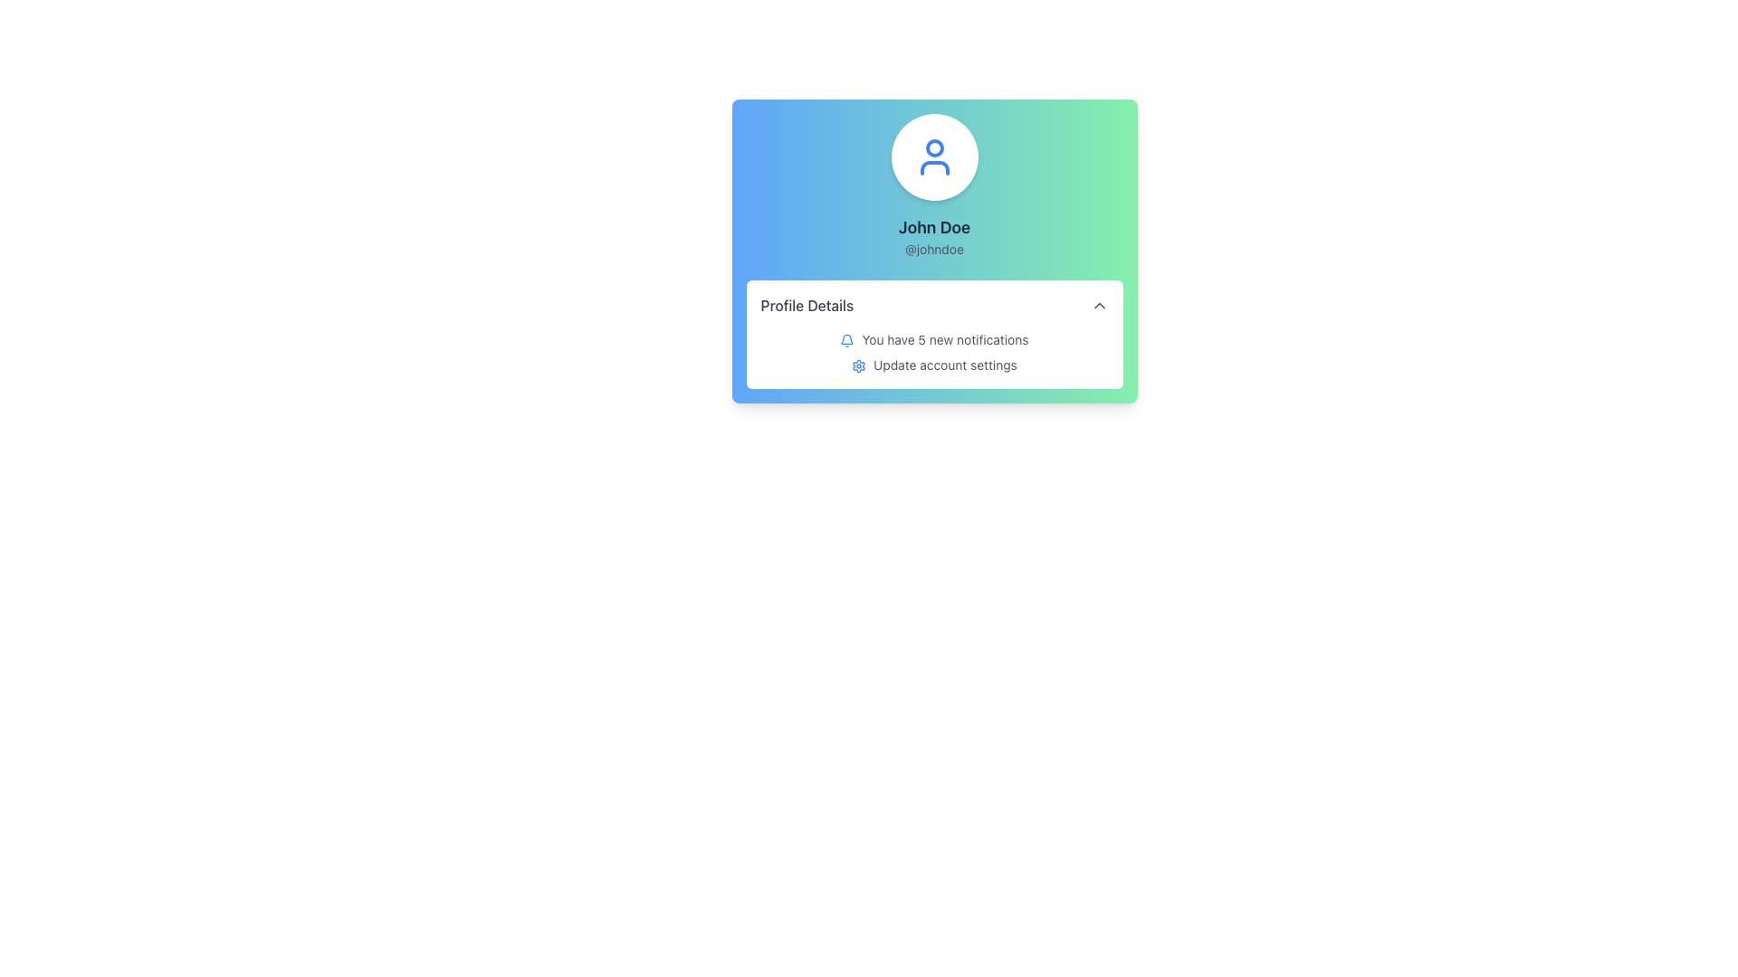 Image resolution: width=1738 pixels, height=977 pixels. I want to click on the Collapsible Header labeled 'Profile Details' with an upward chevron icon on the right, so click(934, 305).